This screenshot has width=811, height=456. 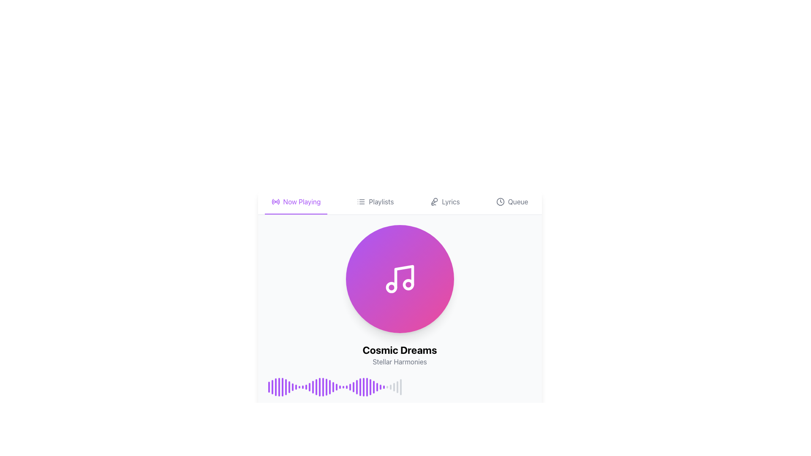 What do you see at coordinates (361, 202) in the screenshot?
I see `the small icon featuring horizontal lines next to the 'Playlists' text in the navigation menu bar` at bounding box center [361, 202].